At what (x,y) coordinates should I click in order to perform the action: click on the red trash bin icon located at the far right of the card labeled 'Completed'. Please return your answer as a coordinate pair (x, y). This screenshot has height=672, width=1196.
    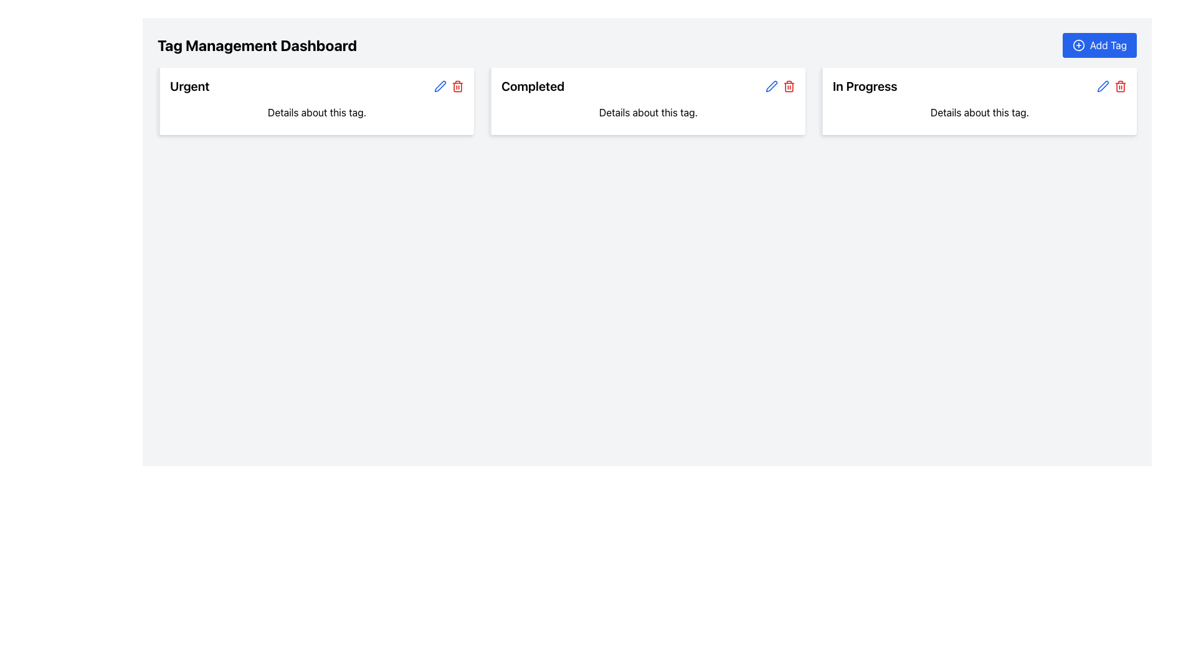
    Looking at the image, I should click on (789, 85).